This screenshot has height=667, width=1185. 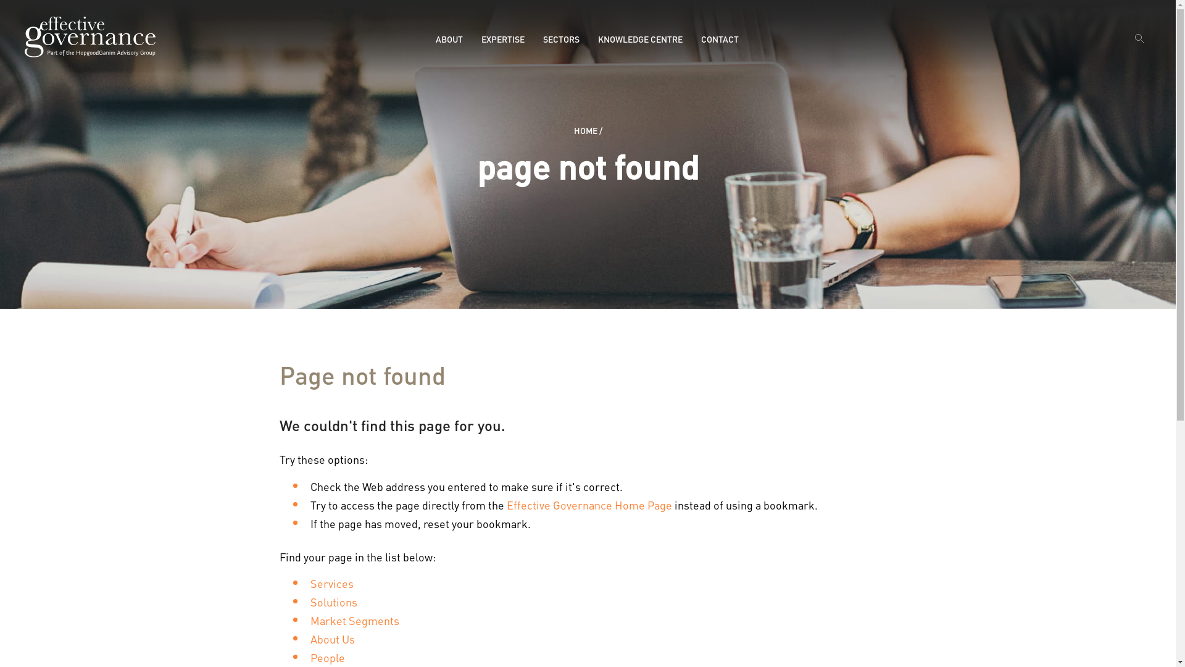 What do you see at coordinates (560, 38) in the screenshot?
I see `'SECTORS'` at bounding box center [560, 38].